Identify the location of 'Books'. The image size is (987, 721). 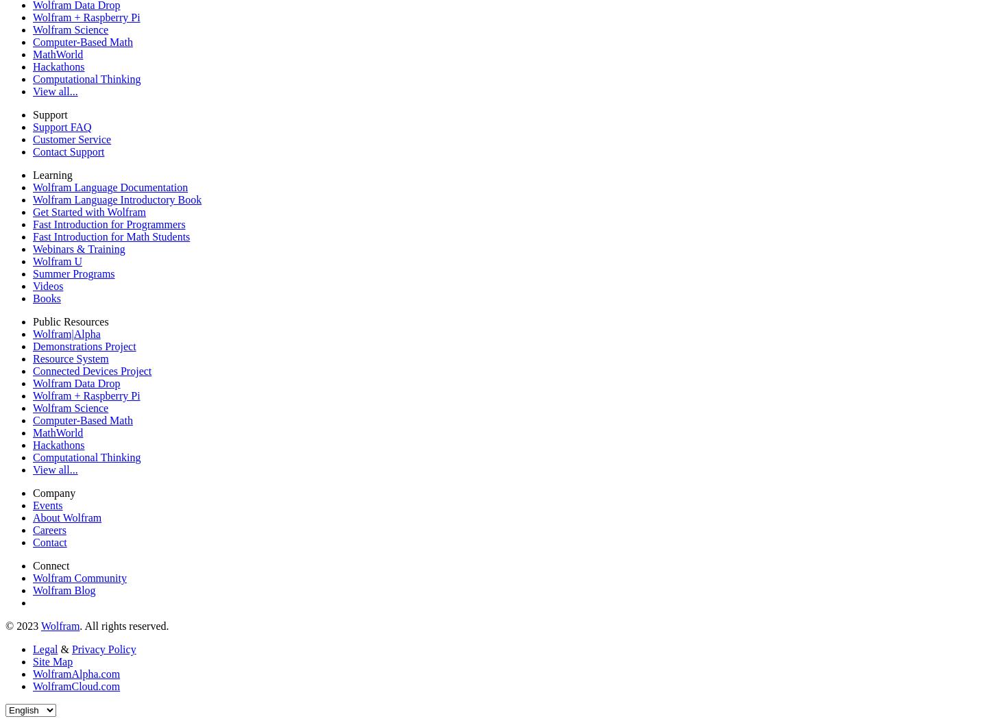
(32, 297).